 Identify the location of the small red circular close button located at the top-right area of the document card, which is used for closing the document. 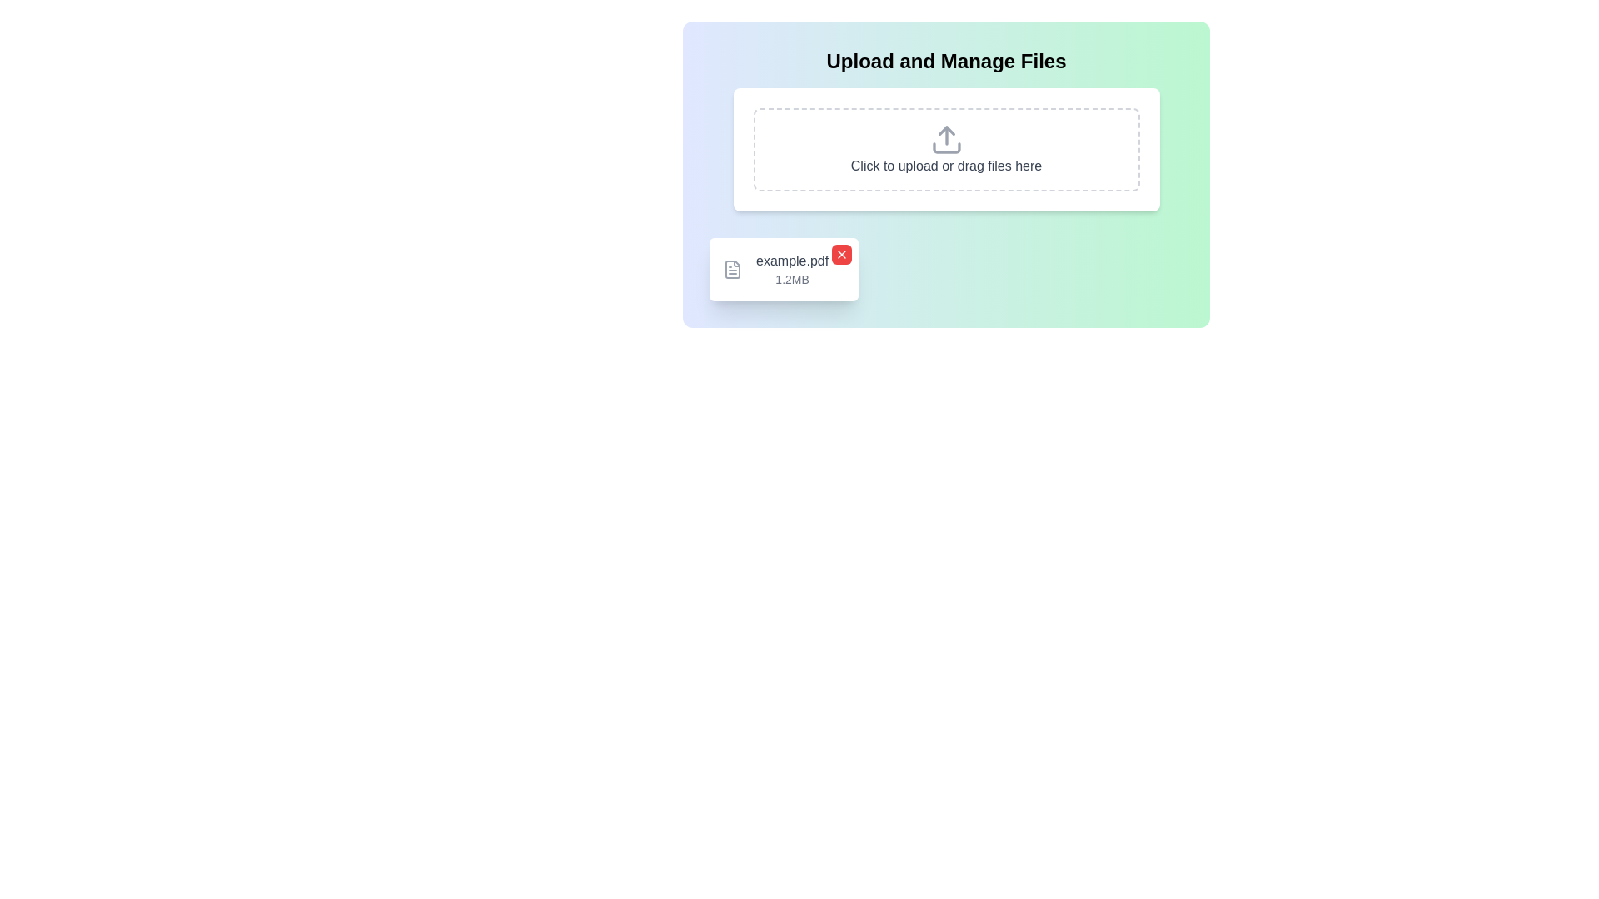
(842, 254).